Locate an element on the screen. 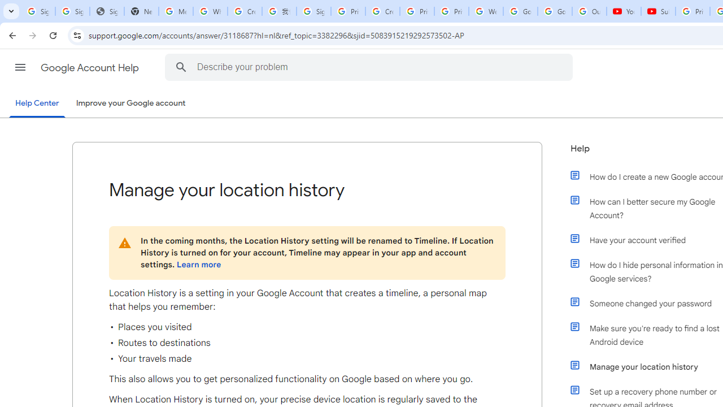 The image size is (723, 407). 'YouTube' is located at coordinates (623, 11).